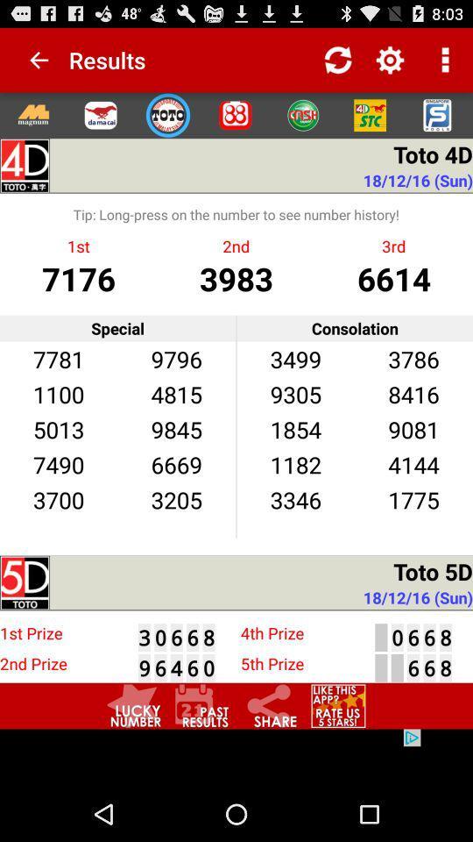 This screenshot has width=473, height=842. What do you see at coordinates (101, 114) in the screenshot?
I see `game with horse icon` at bounding box center [101, 114].